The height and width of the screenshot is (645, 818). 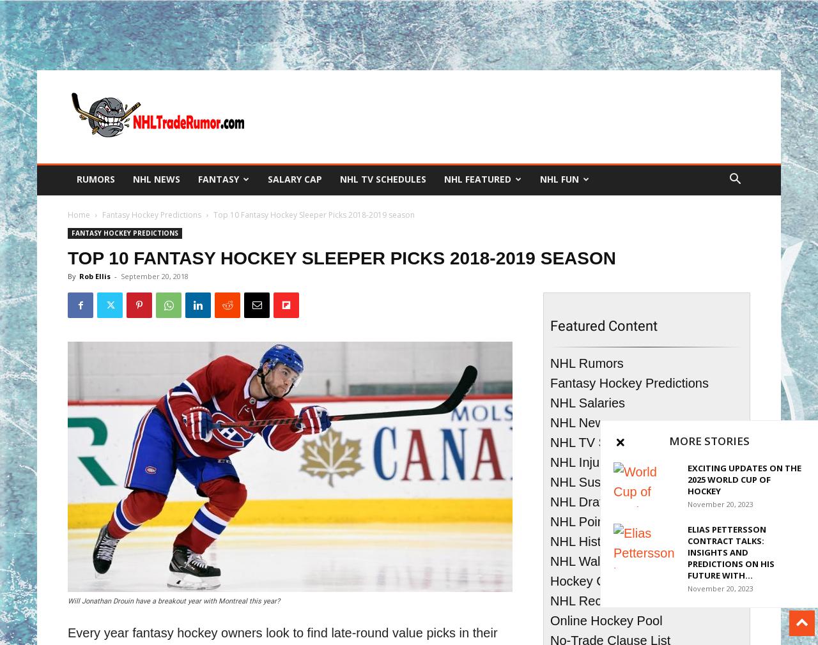 I want to click on 'Rob Ellis', so click(x=94, y=276).